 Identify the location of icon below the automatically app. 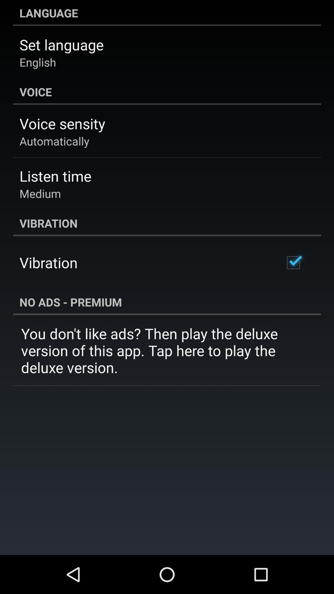
(55, 175).